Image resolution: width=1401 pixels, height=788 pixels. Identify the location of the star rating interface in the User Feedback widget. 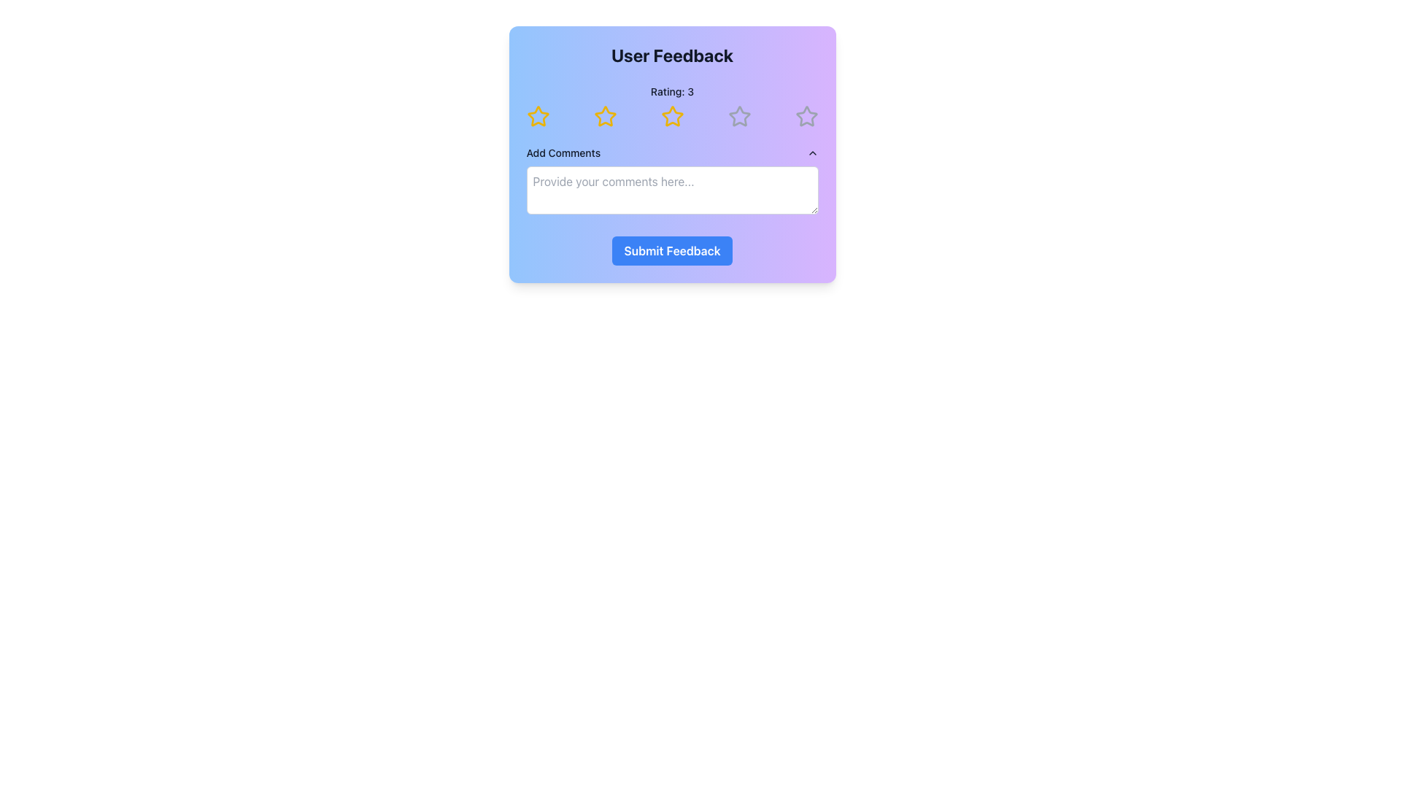
(671, 155).